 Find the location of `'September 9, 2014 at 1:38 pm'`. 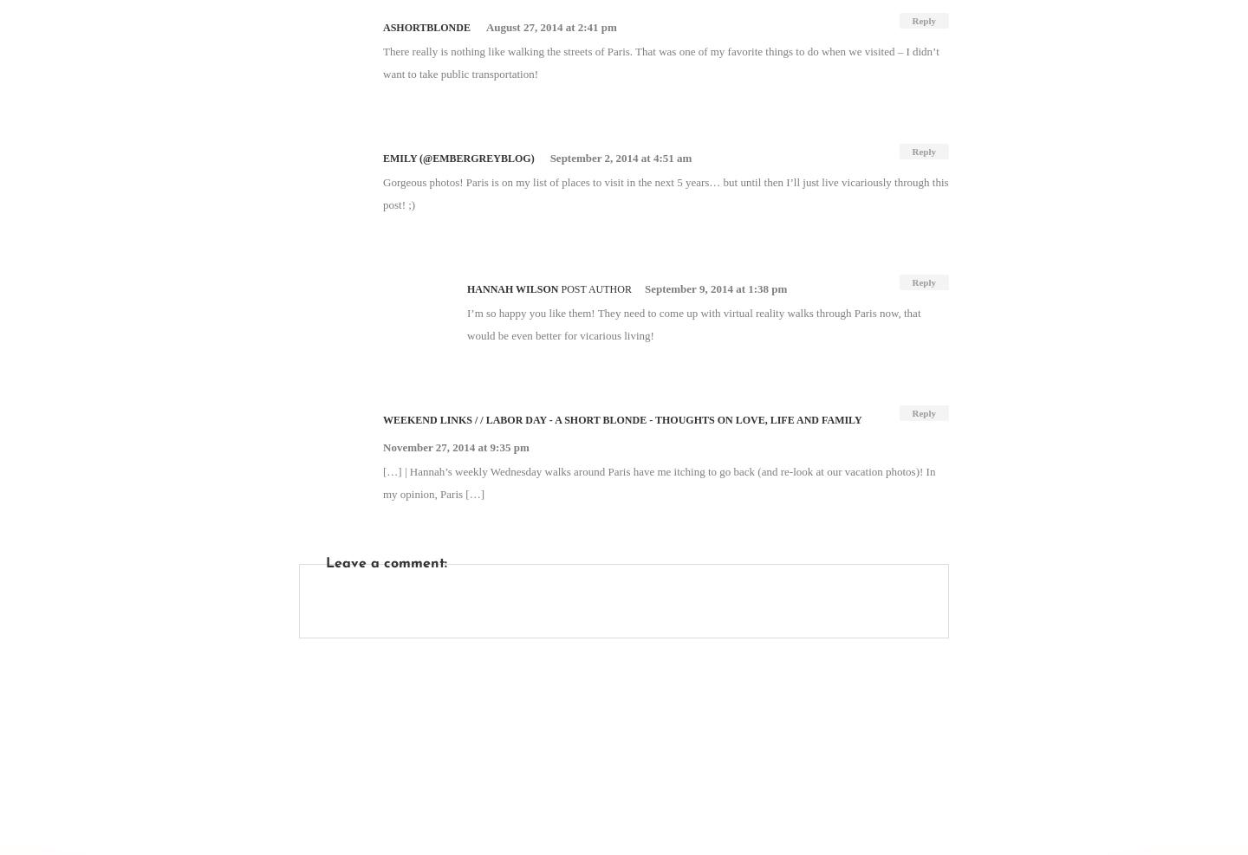

'September 9, 2014 at 1:38 pm' is located at coordinates (715, 287).